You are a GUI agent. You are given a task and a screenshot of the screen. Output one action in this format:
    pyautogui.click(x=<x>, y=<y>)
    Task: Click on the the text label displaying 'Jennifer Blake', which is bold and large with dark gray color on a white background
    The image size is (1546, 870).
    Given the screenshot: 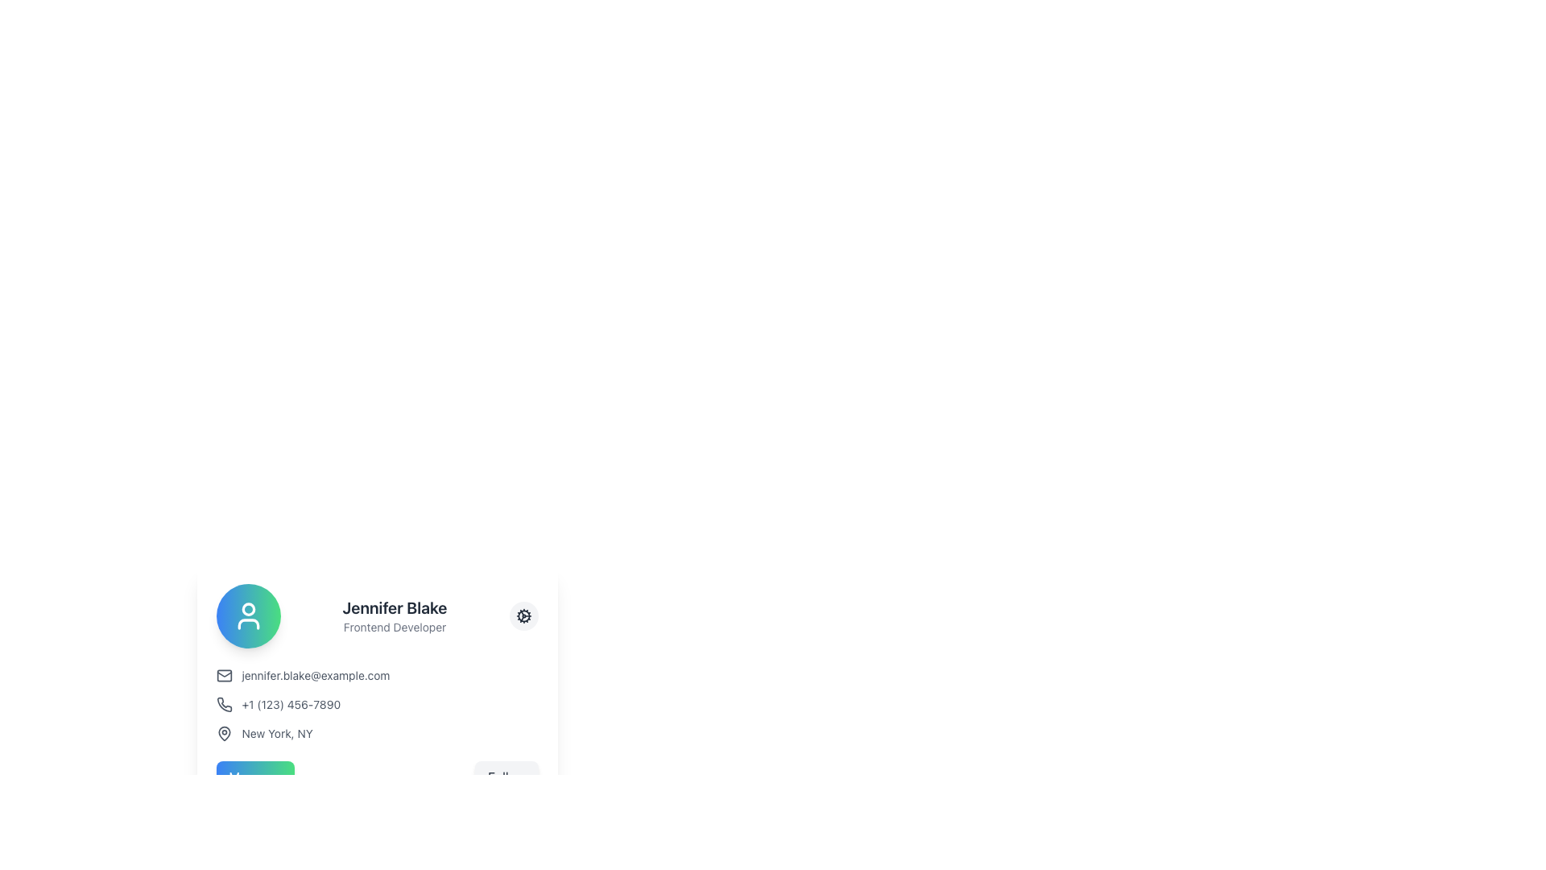 What is the action you would take?
    pyautogui.click(x=395, y=608)
    